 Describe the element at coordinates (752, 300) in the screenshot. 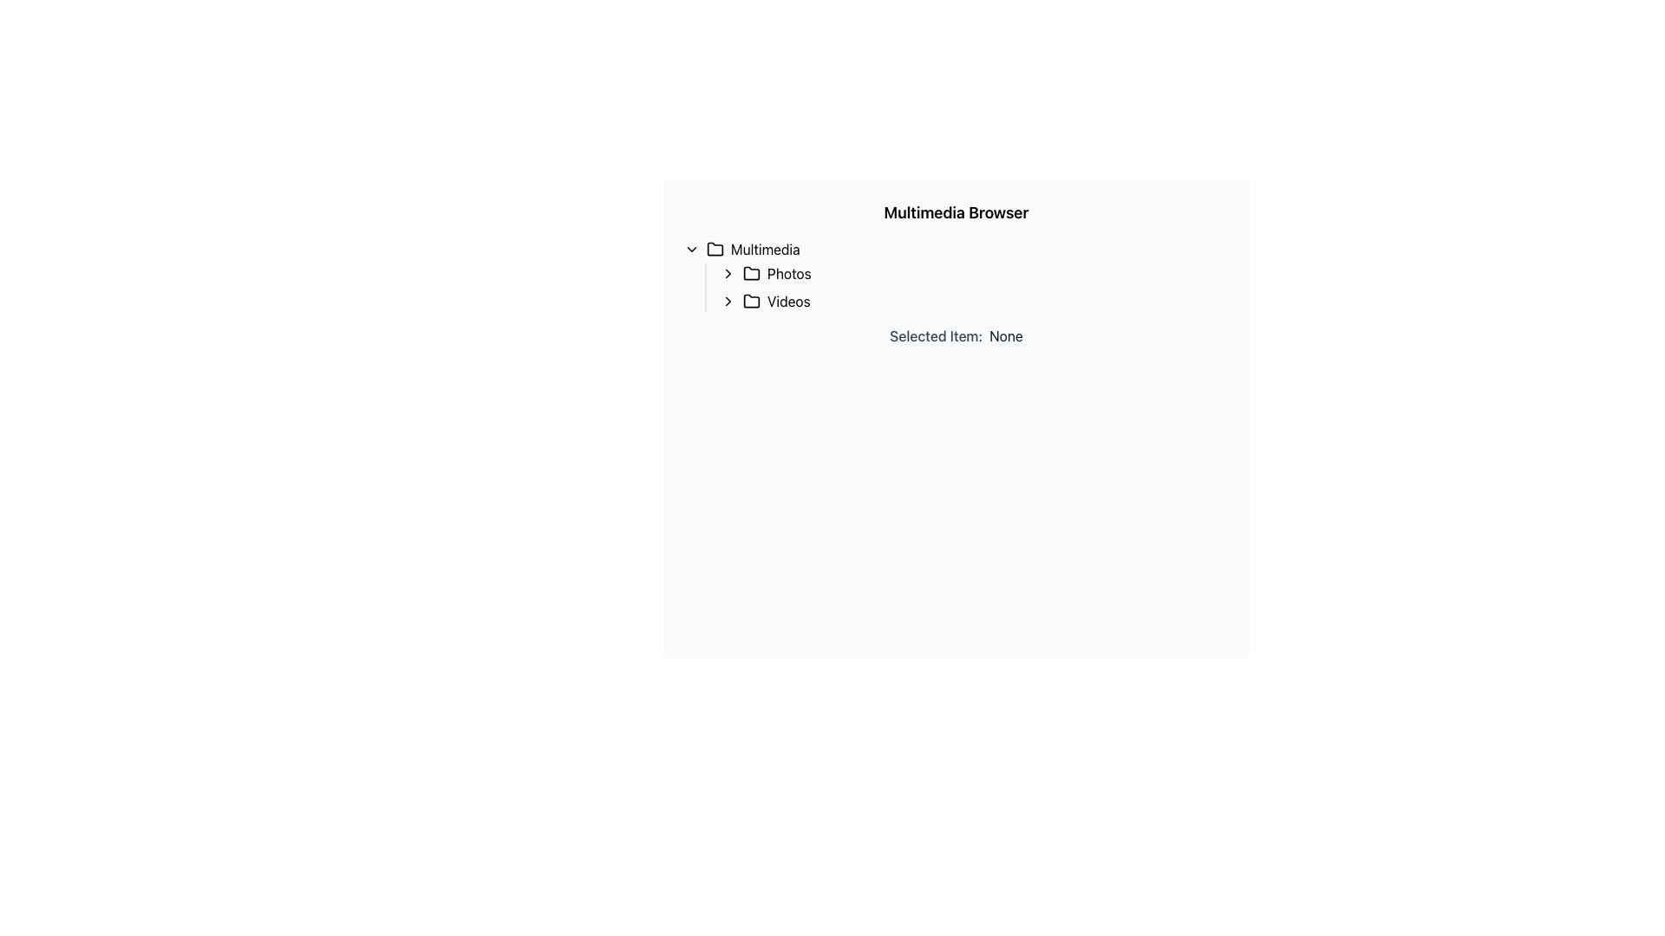

I see `the folder icon representing the 'Videos' folder in the sidebar tree structure` at that location.